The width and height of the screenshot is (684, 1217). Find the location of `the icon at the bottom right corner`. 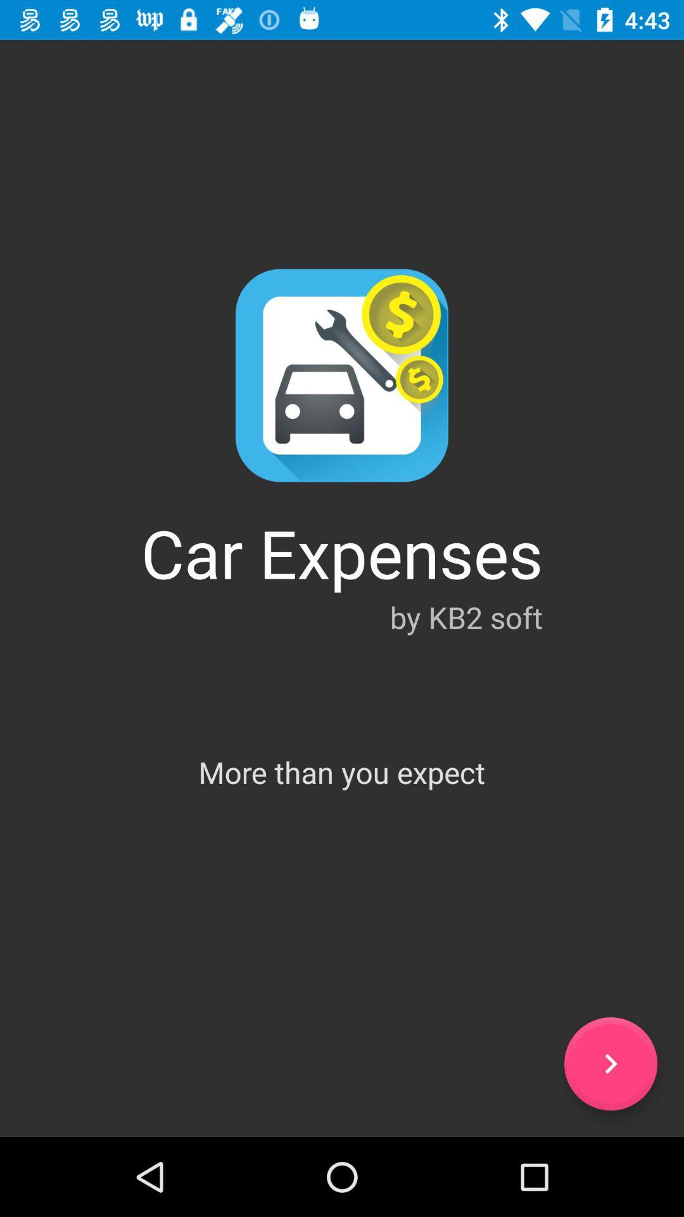

the icon at the bottom right corner is located at coordinates (610, 1064).